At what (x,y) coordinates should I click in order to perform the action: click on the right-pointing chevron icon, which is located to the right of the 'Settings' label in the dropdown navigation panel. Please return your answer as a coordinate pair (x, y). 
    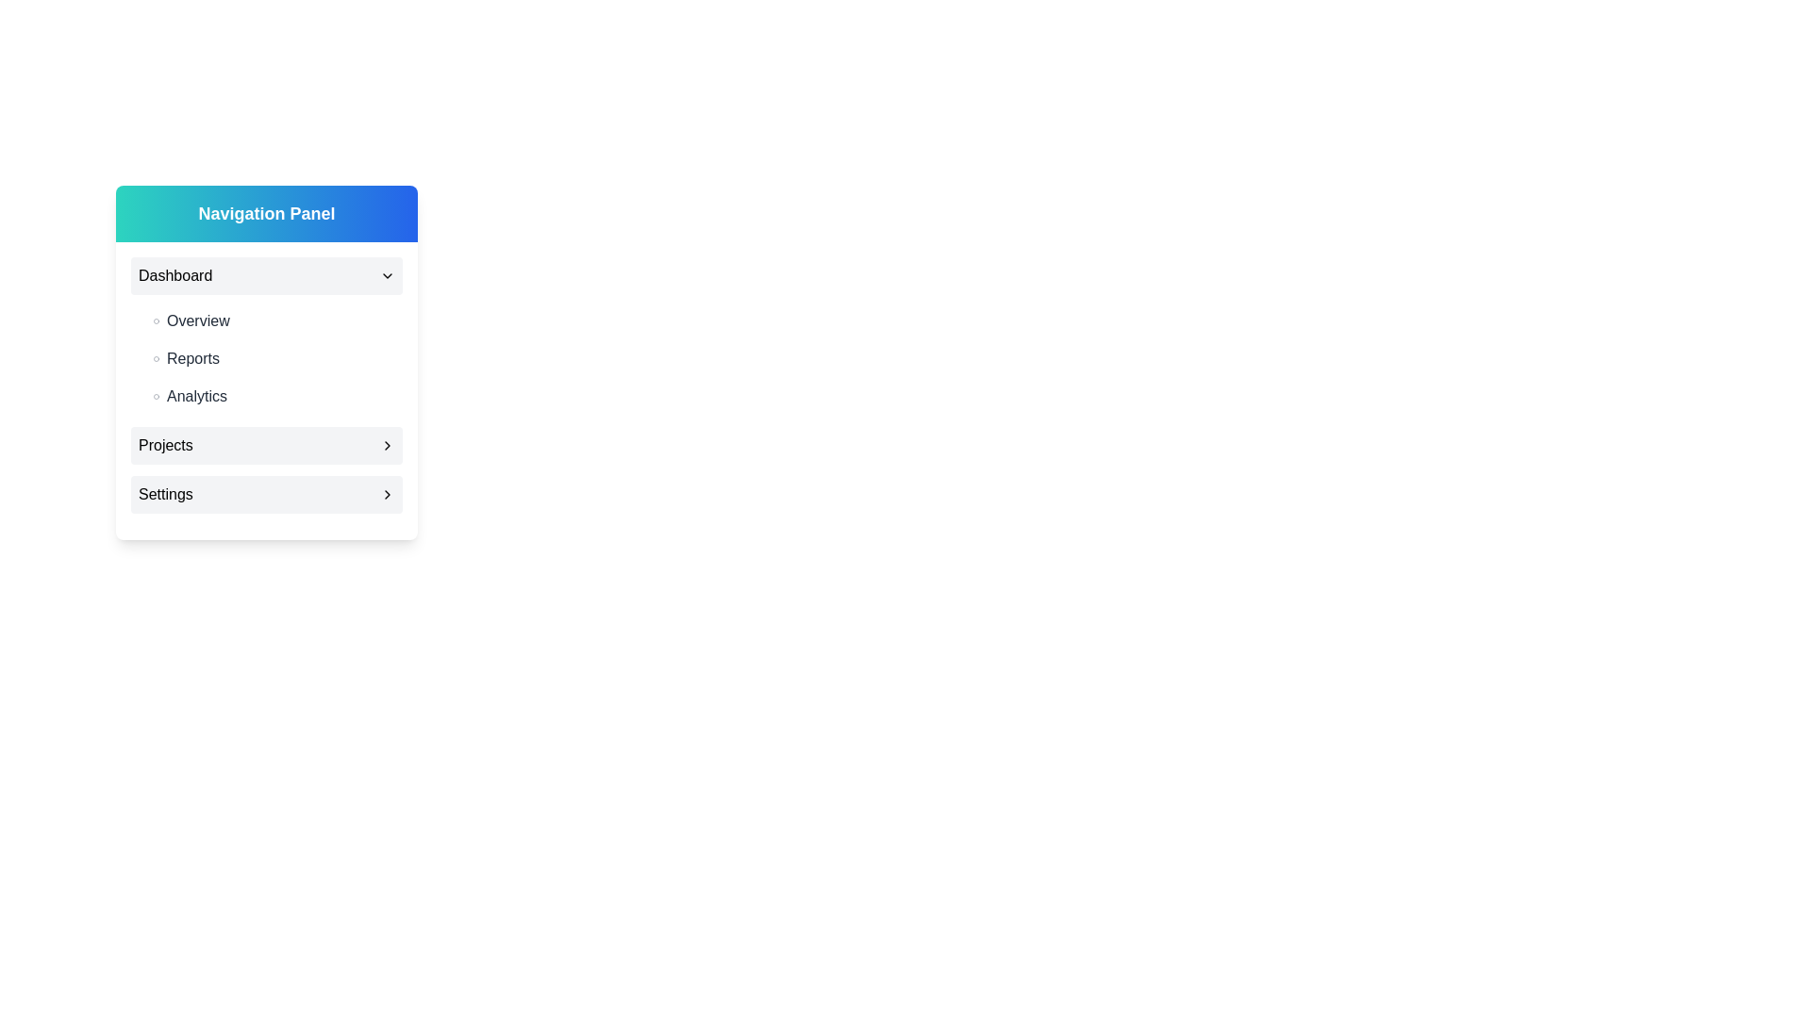
    Looking at the image, I should click on (387, 493).